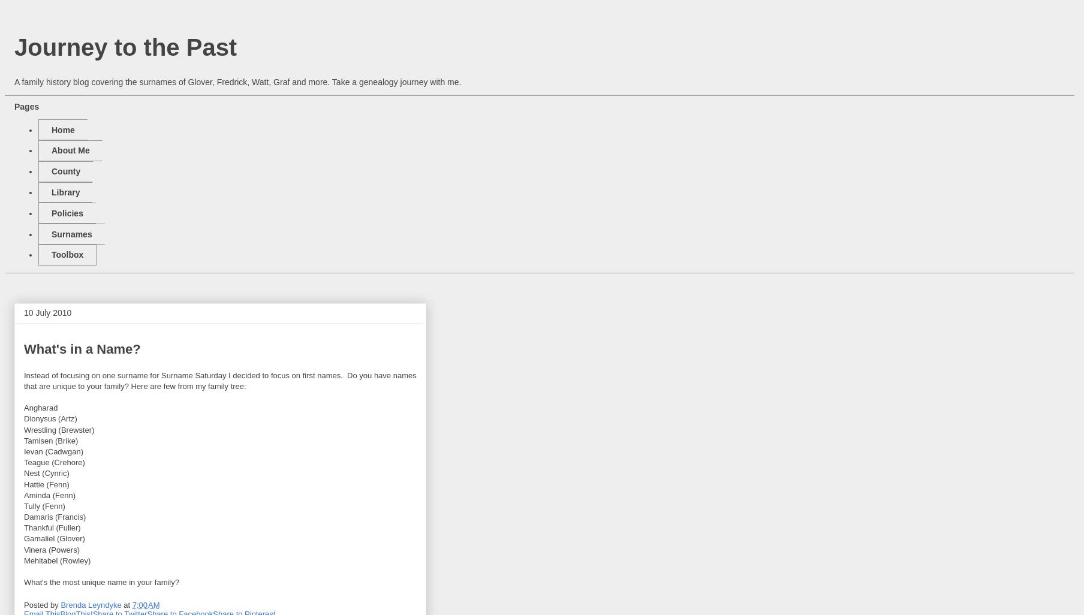 The width and height of the screenshot is (1084, 615). I want to click on 'Home', so click(62, 129).